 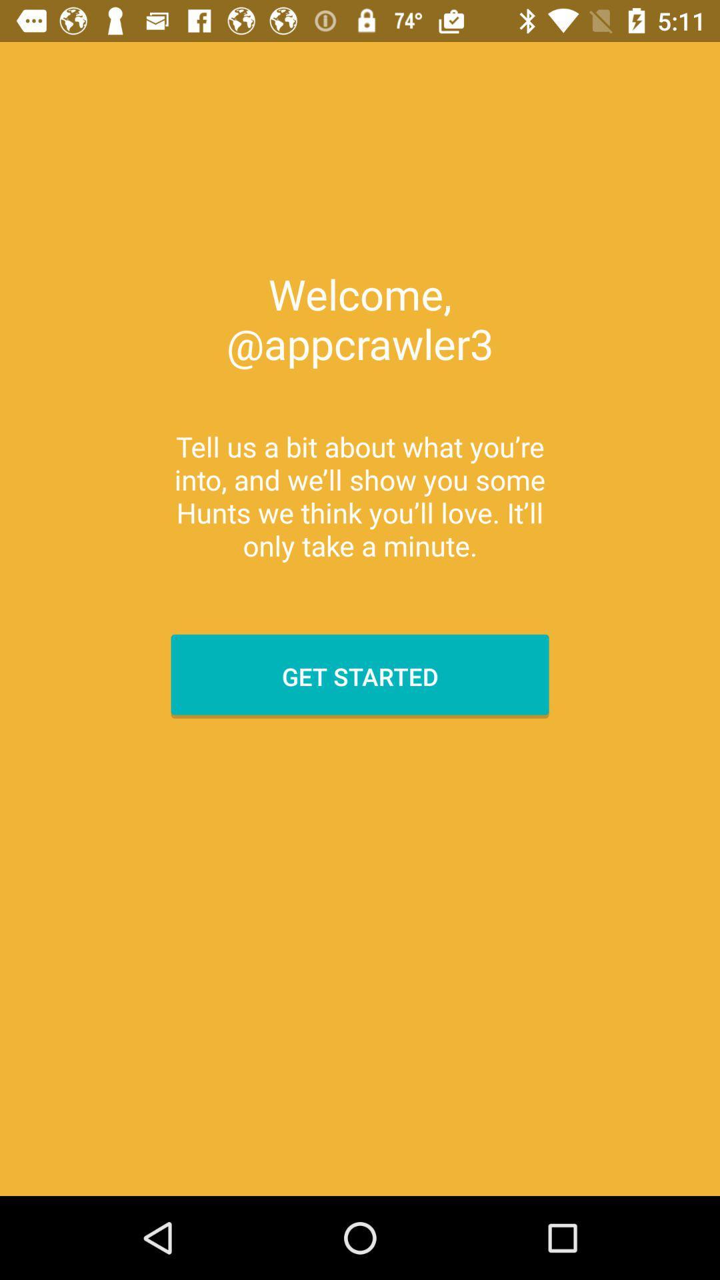 What do you see at coordinates (360, 676) in the screenshot?
I see `item below the tell us a` at bounding box center [360, 676].